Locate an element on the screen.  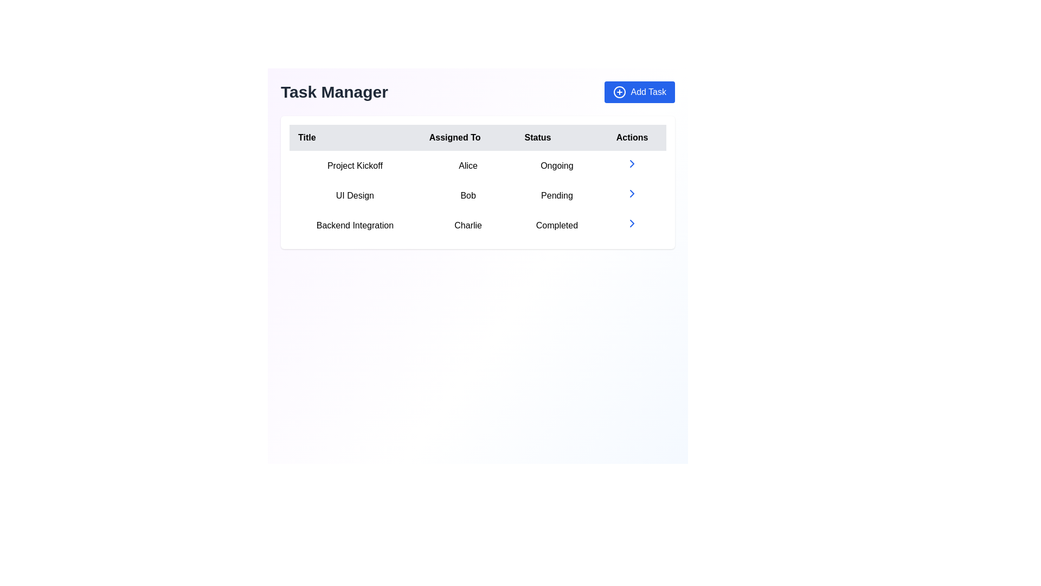
the 'Add Task' button located at the top-right corner of the interface, which features an icon representing the action of adding or creating a new task is located at coordinates (620, 91).